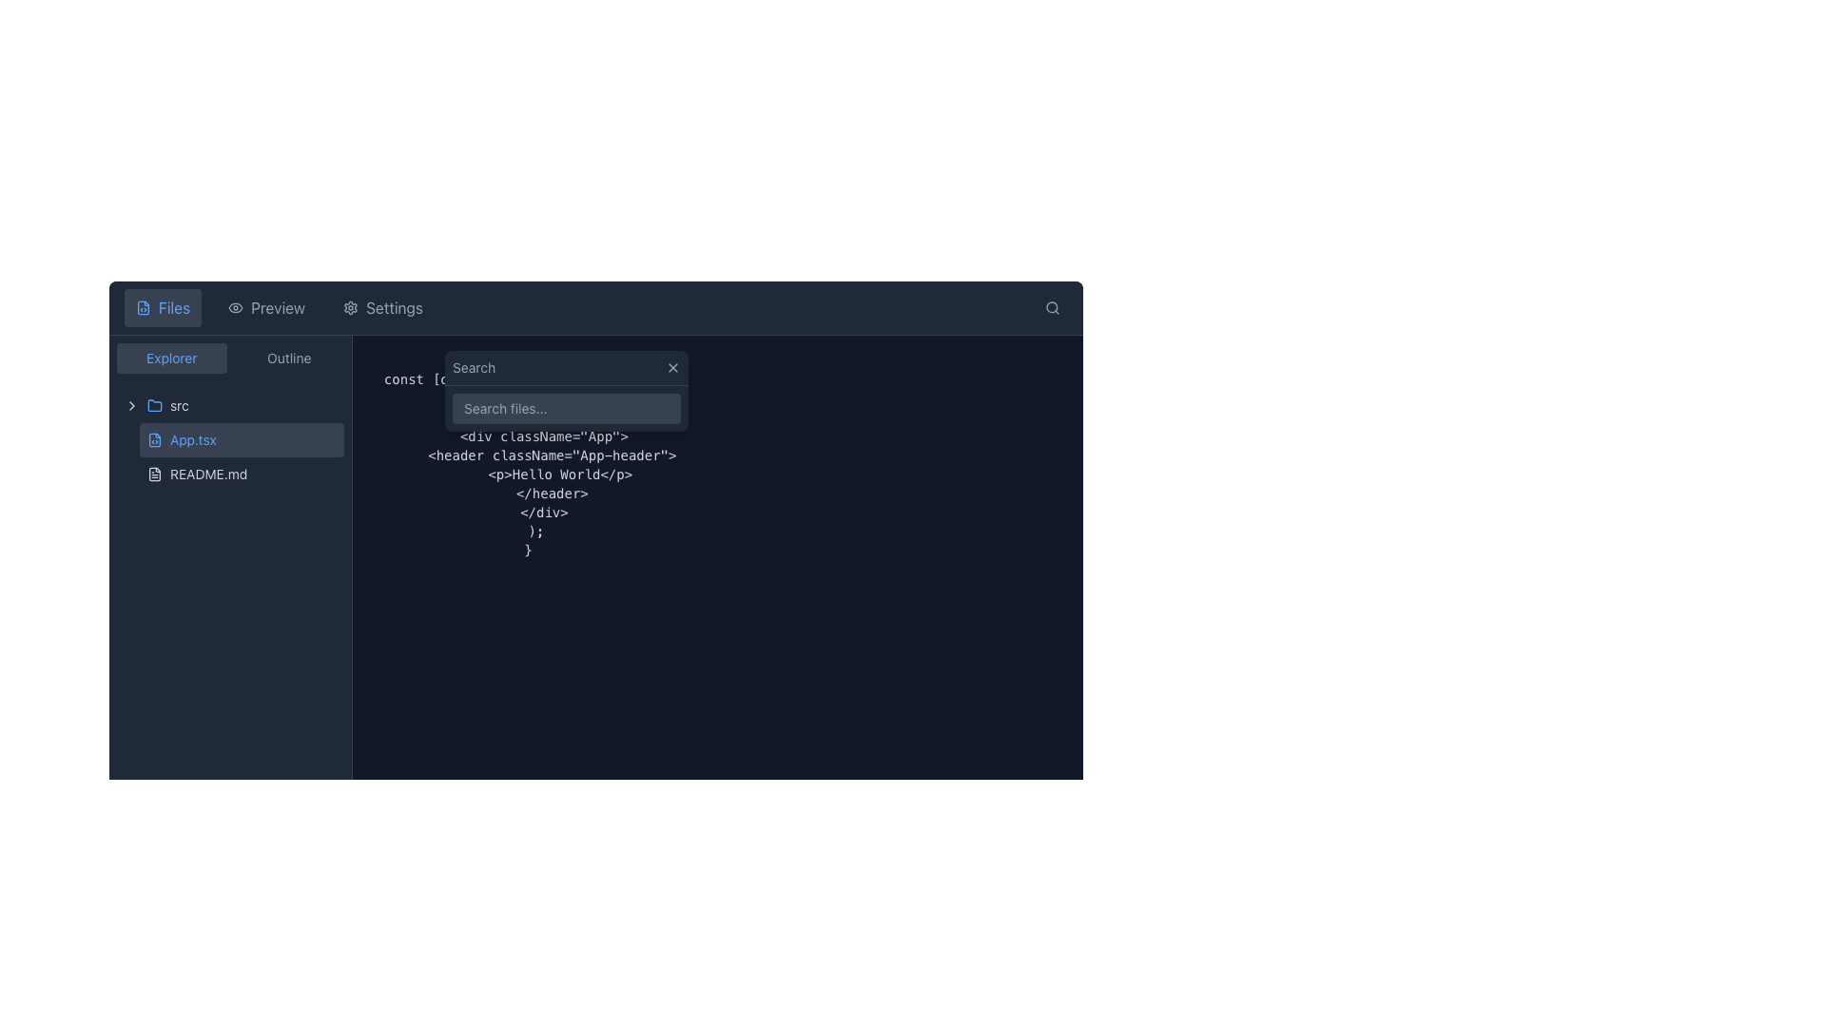 Image resolution: width=1826 pixels, height=1027 pixels. Describe the element at coordinates (351, 307) in the screenshot. I see `the gear icon` at that location.